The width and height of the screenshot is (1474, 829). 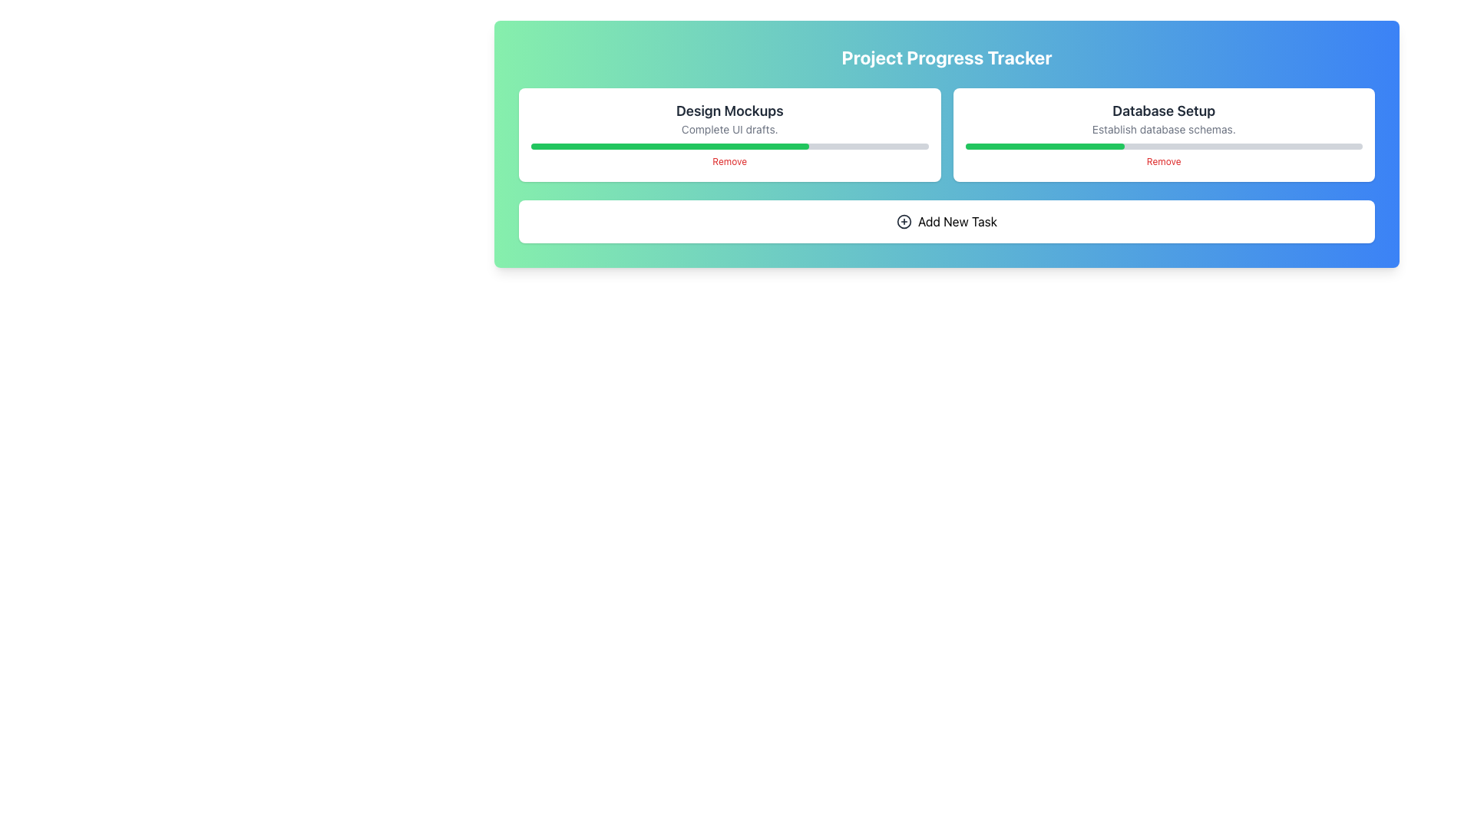 What do you see at coordinates (670, 147) in the screenshot?
I see `the Progress Indicator located in the 'Design Mockups' section of the 'Project Progress Tracker', which visually represents the current progress of a task` at bounding box center [670, 147].